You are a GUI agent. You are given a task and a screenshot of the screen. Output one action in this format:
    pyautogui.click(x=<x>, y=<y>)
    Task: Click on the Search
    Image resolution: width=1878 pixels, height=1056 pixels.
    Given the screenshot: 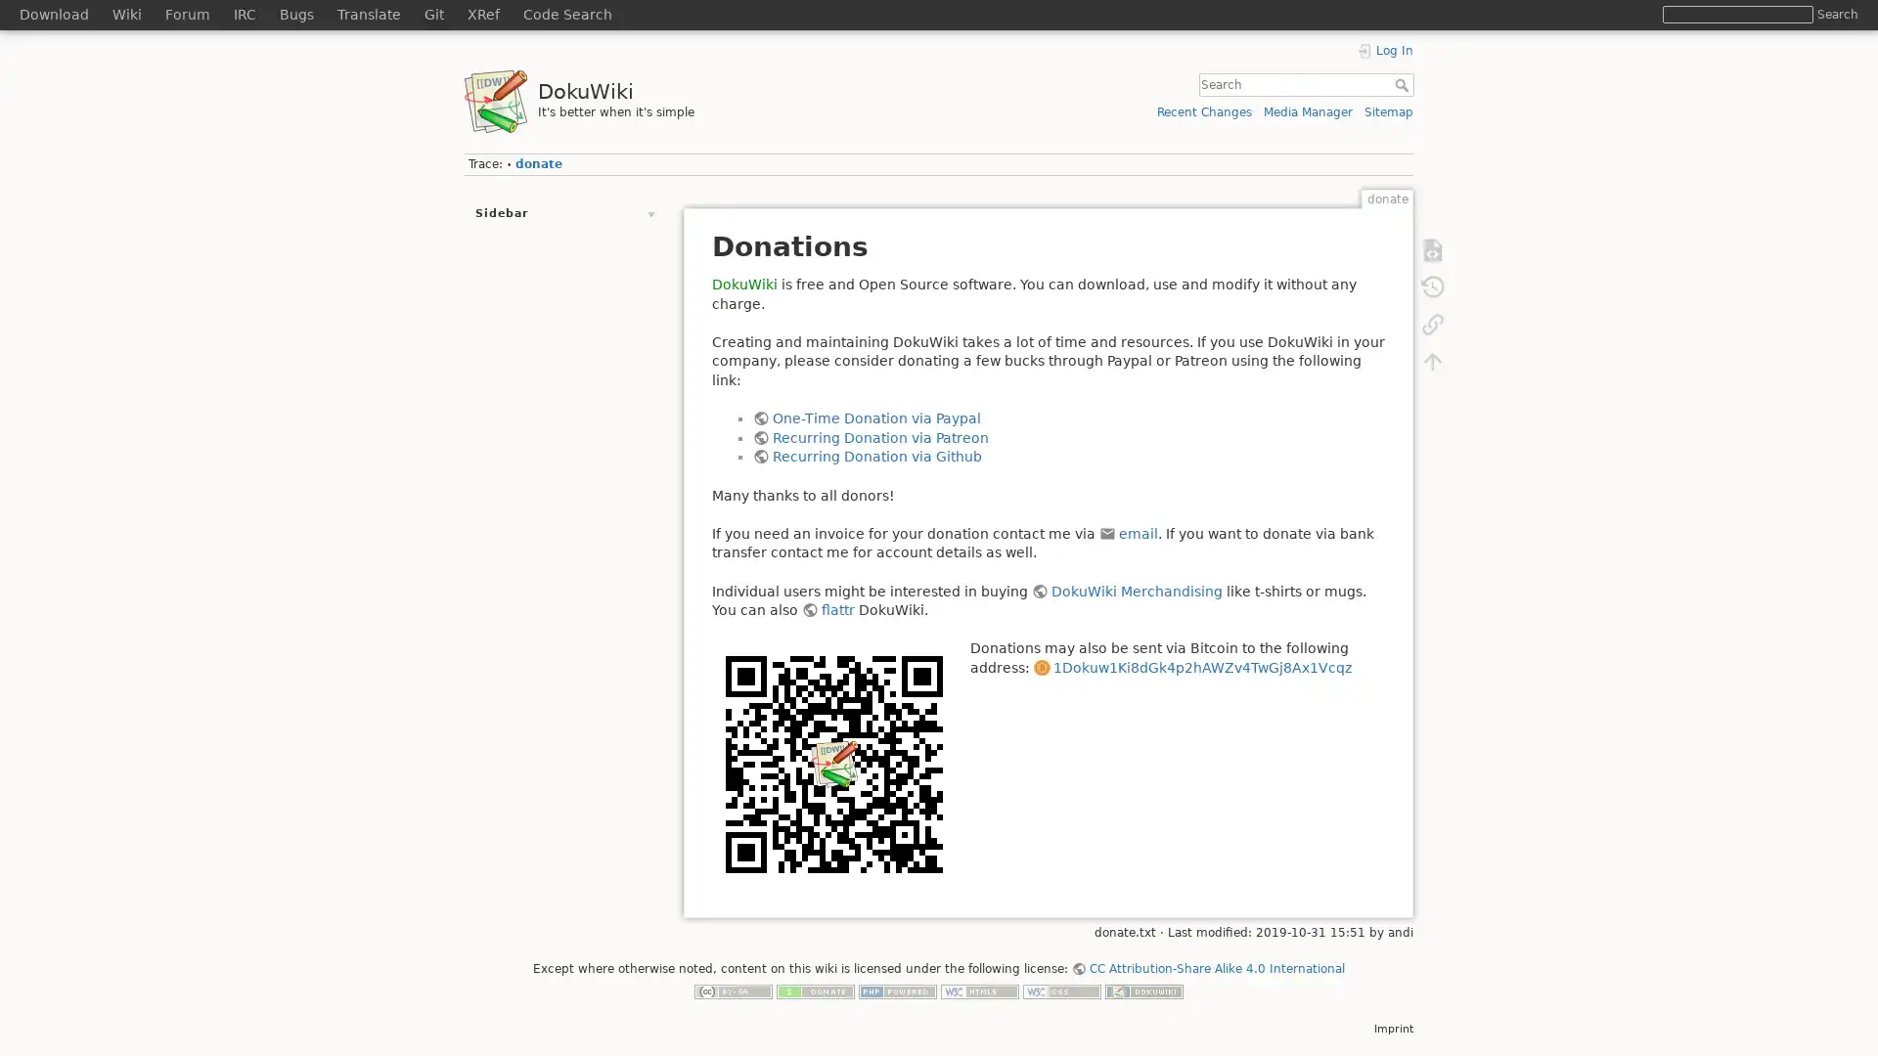 What is the action you would take?
    pyautogui.click(x=1836, y=14)
    